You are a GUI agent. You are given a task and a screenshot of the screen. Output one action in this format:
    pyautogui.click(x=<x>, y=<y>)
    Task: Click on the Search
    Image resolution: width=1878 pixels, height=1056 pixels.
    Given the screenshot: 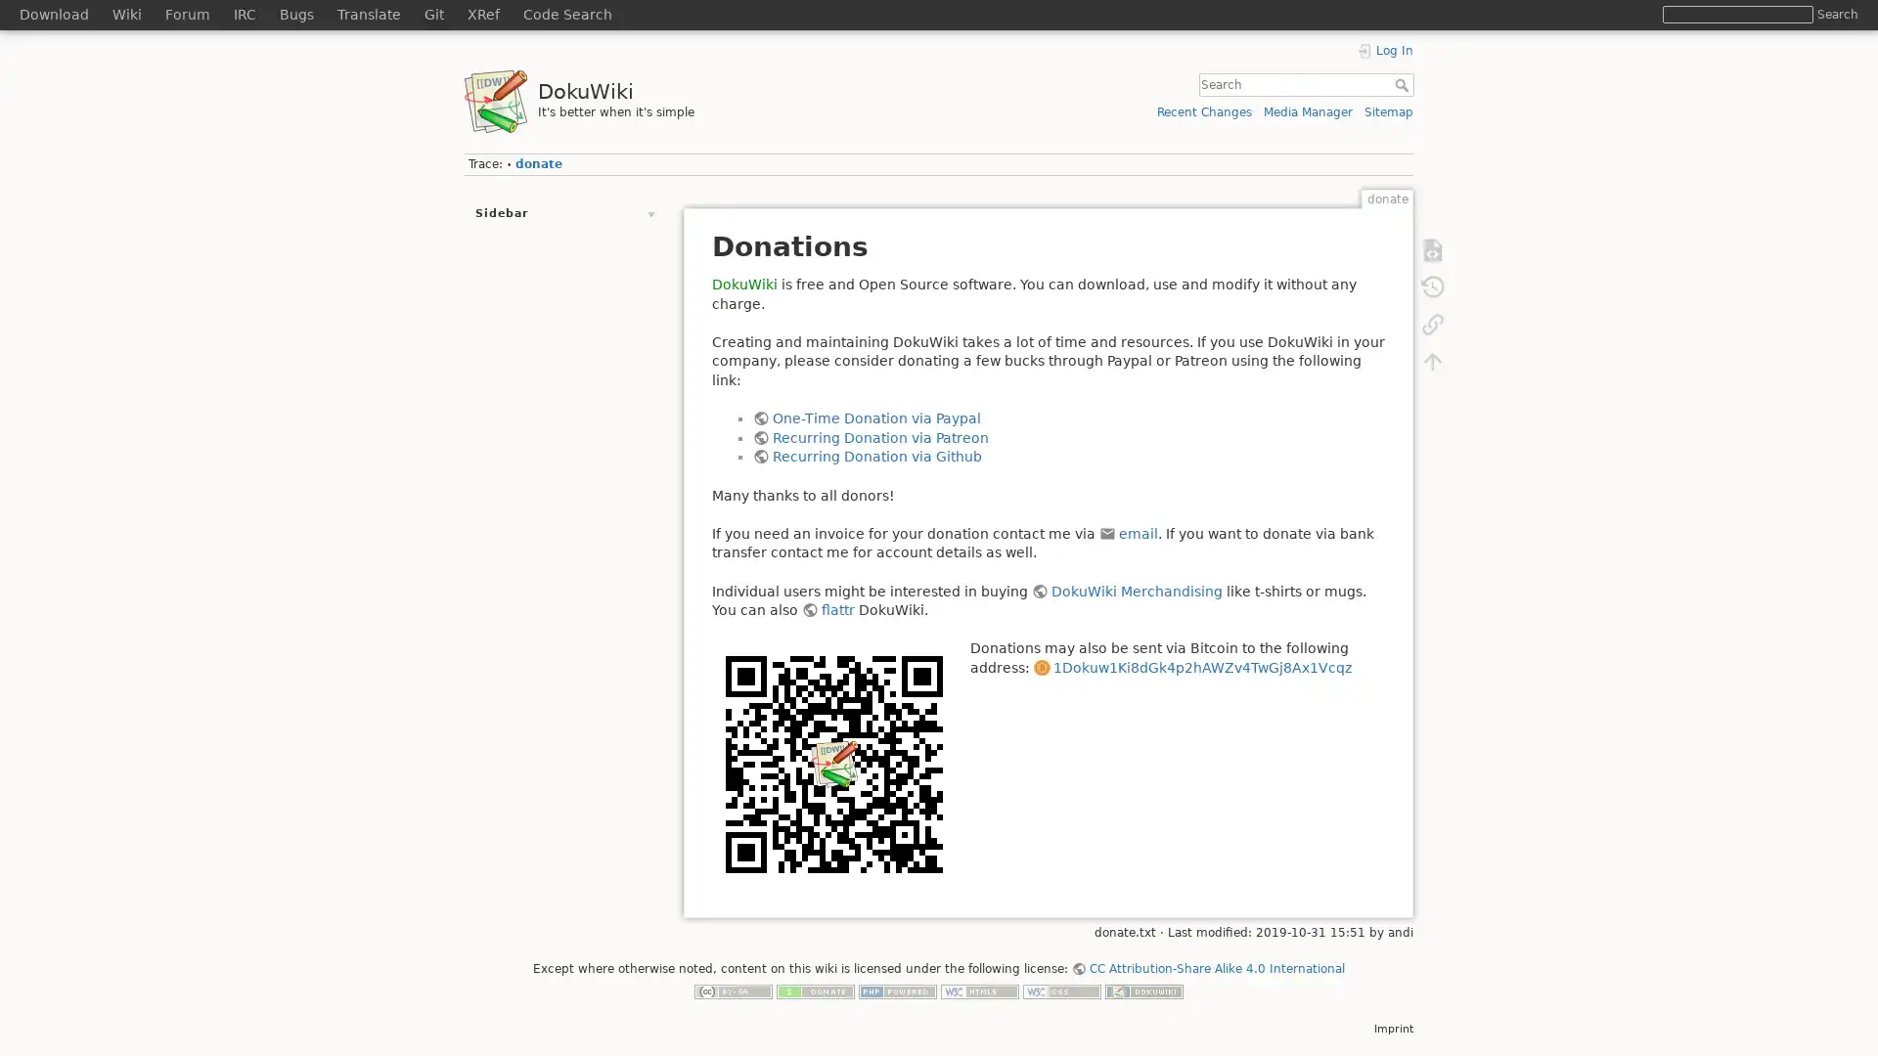 What is the action you would take?
    pyautogui.click(x=1836, y=14)
    